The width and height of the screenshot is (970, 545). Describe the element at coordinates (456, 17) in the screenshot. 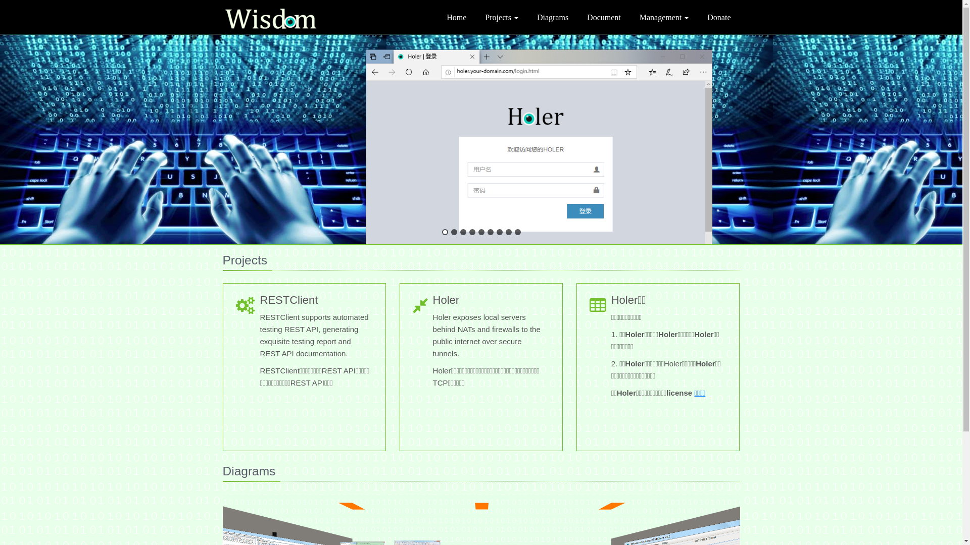

I see `'Home'` at that location.